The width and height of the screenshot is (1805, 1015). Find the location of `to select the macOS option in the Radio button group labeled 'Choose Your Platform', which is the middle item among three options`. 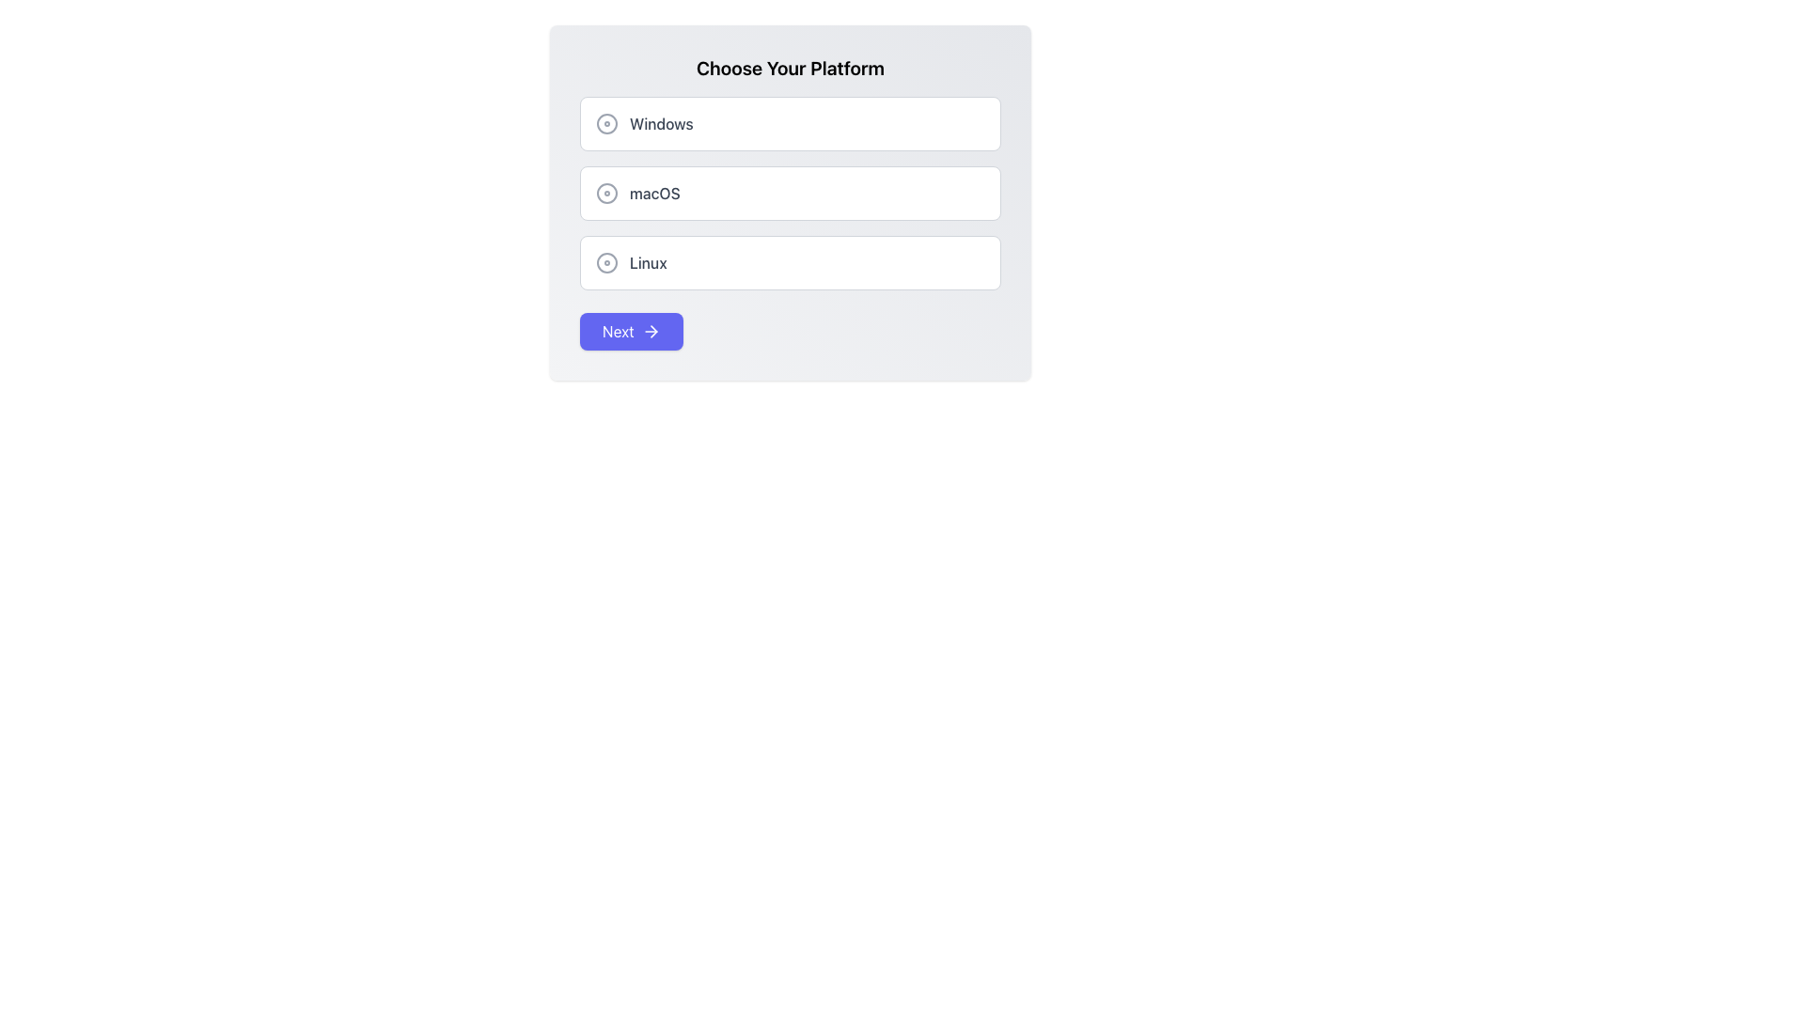

to select the macOS option in the Radio button group labeled 'Choose Your Platform', which is the middle item among three options is located at coordinates (790, 193).